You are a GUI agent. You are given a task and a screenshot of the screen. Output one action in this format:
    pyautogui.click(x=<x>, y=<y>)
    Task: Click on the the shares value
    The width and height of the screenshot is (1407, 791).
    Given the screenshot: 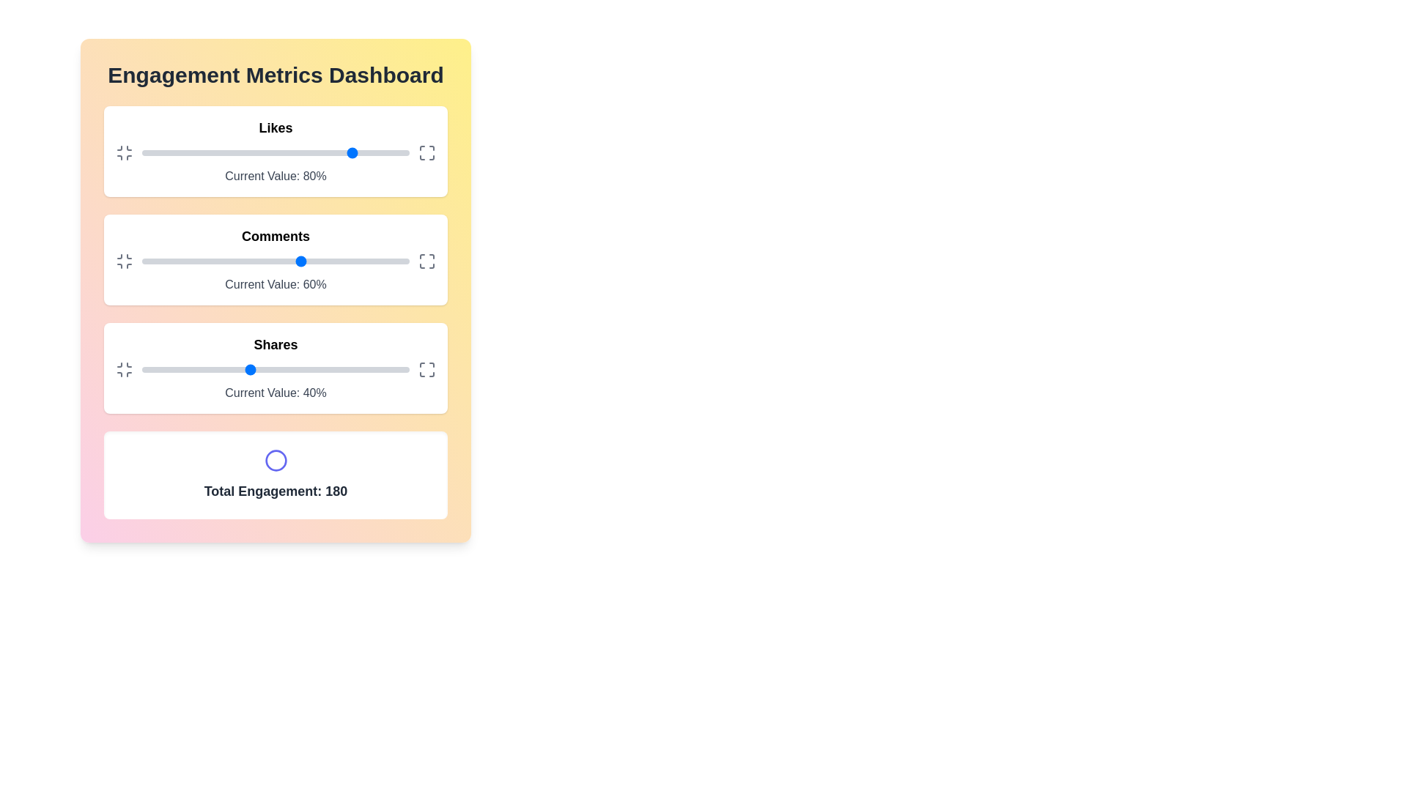 What is the action you would take?
    pyautogui.click(x=155, y=369)
    